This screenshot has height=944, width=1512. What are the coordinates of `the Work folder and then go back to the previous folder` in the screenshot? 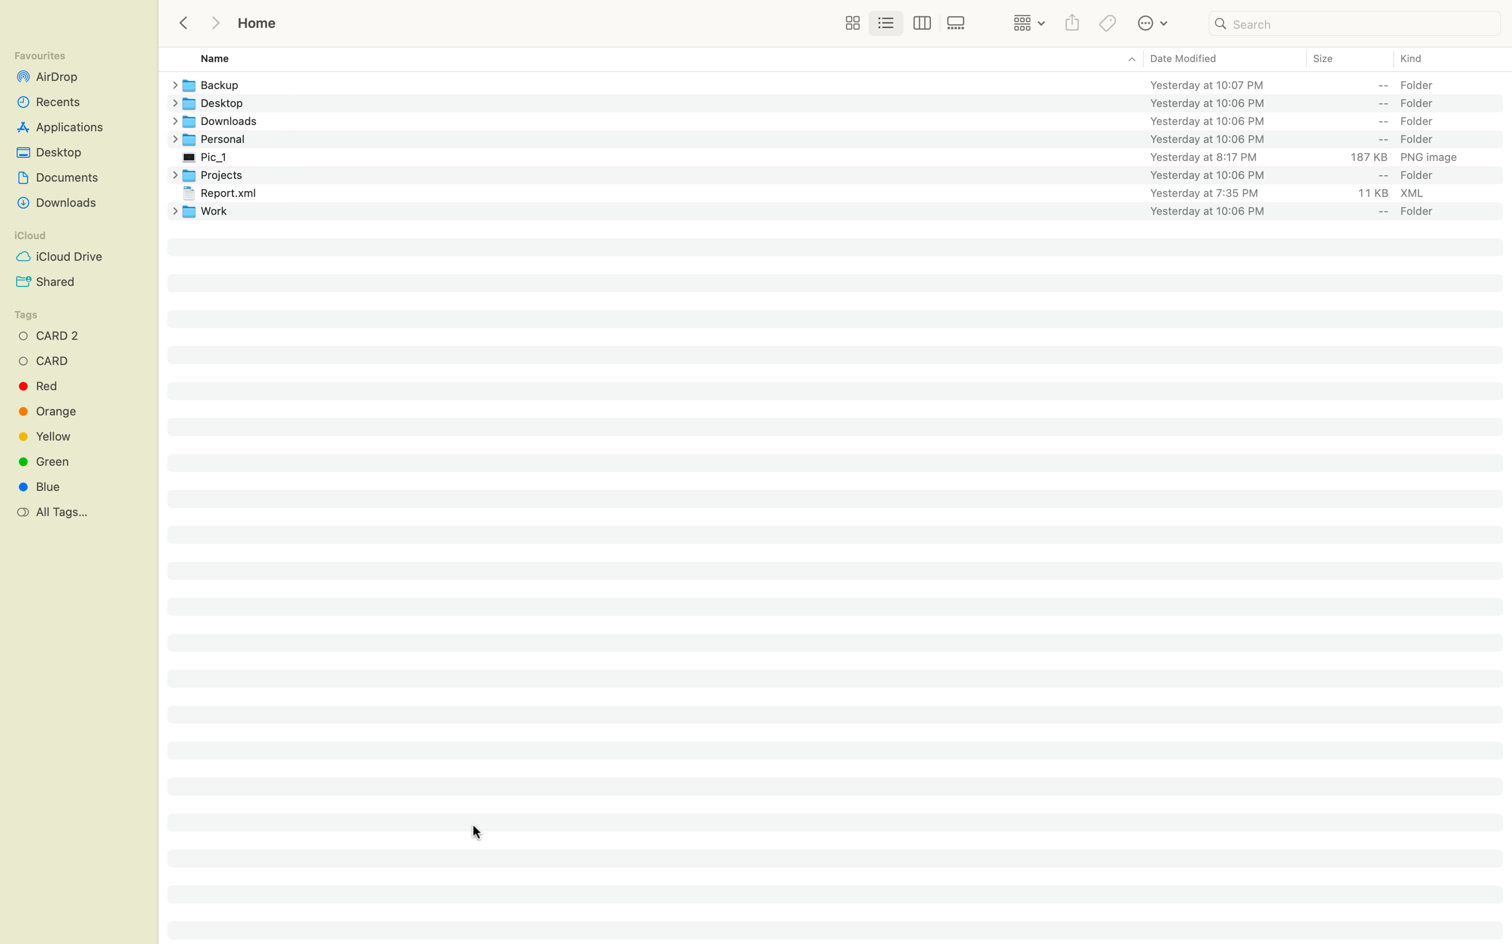 It's located at (845, 210).